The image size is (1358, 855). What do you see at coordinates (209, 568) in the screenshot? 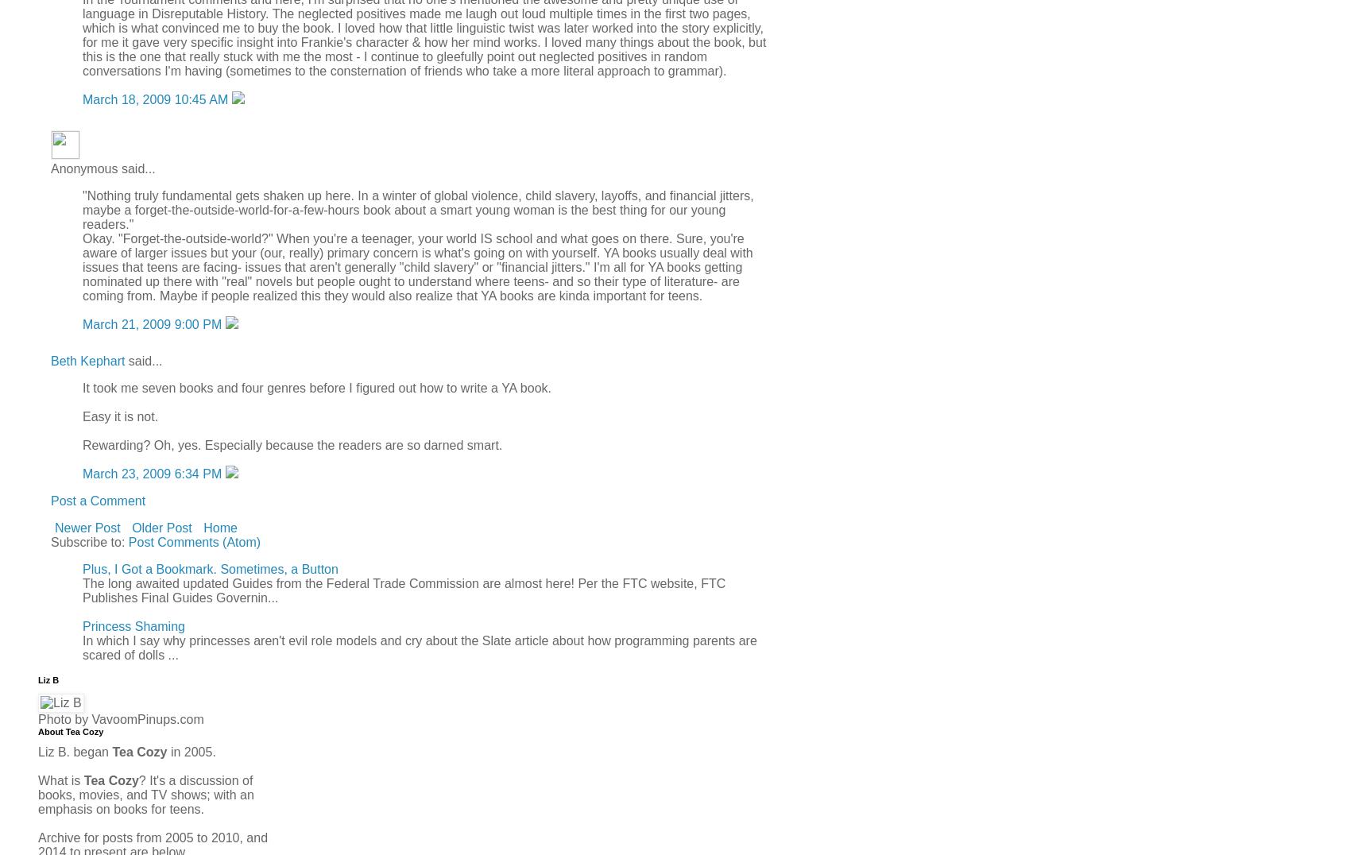
I see `'Plus, I Got a Bookmark. Sometimes, a Button'` at bounding box center [209, 568].